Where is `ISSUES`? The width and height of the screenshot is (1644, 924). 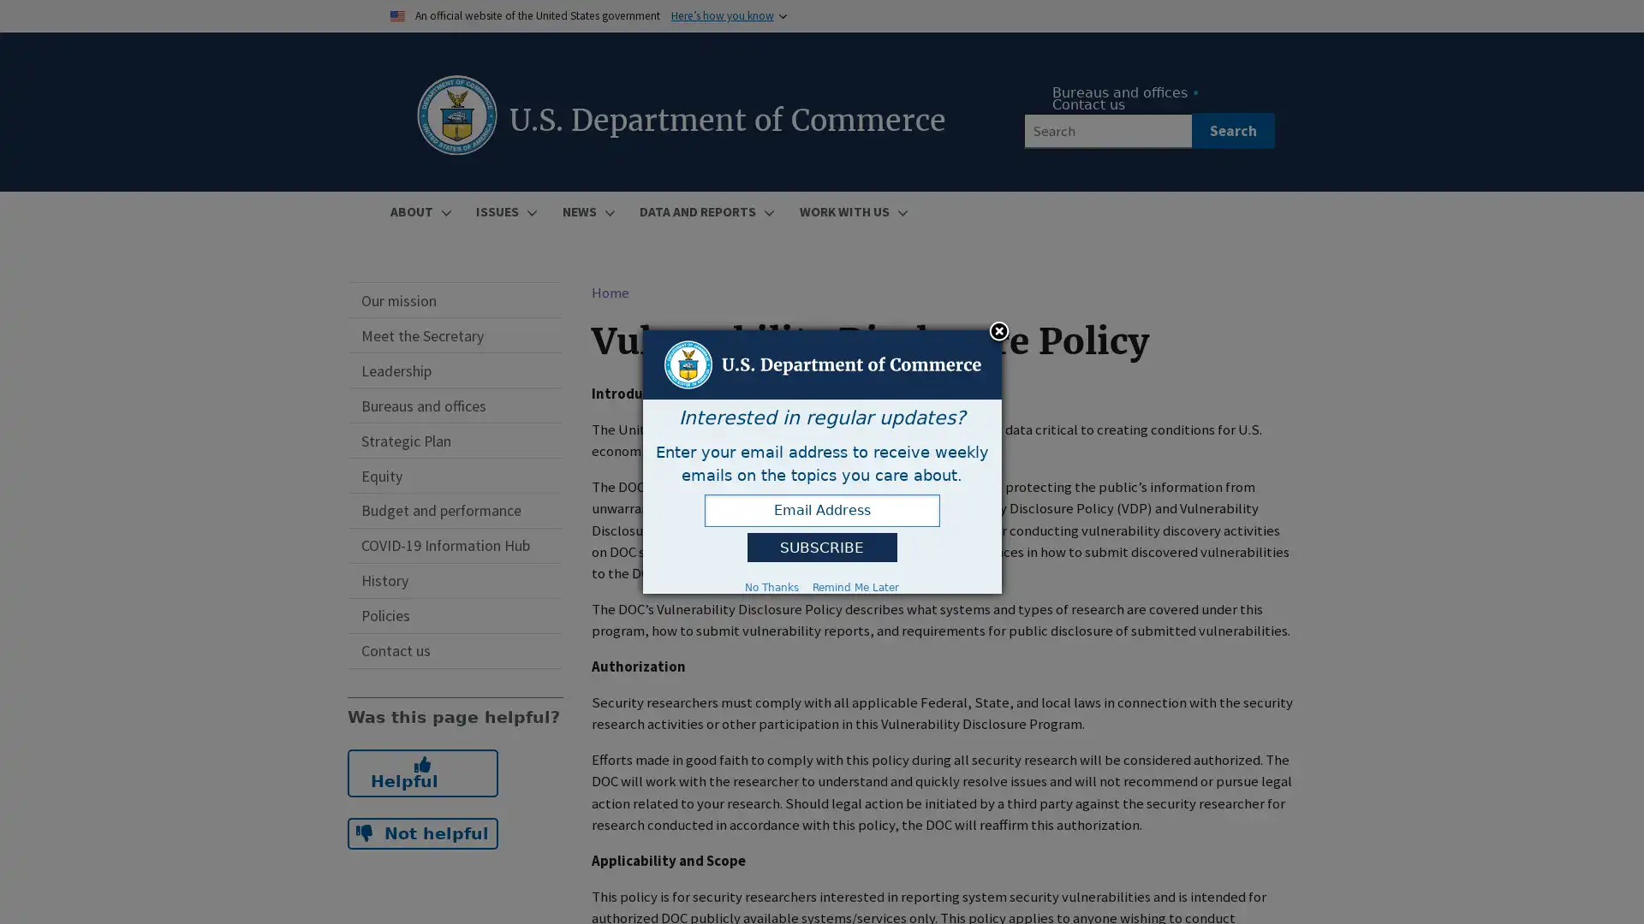 ISSUES is located at coordinates (503, 210).